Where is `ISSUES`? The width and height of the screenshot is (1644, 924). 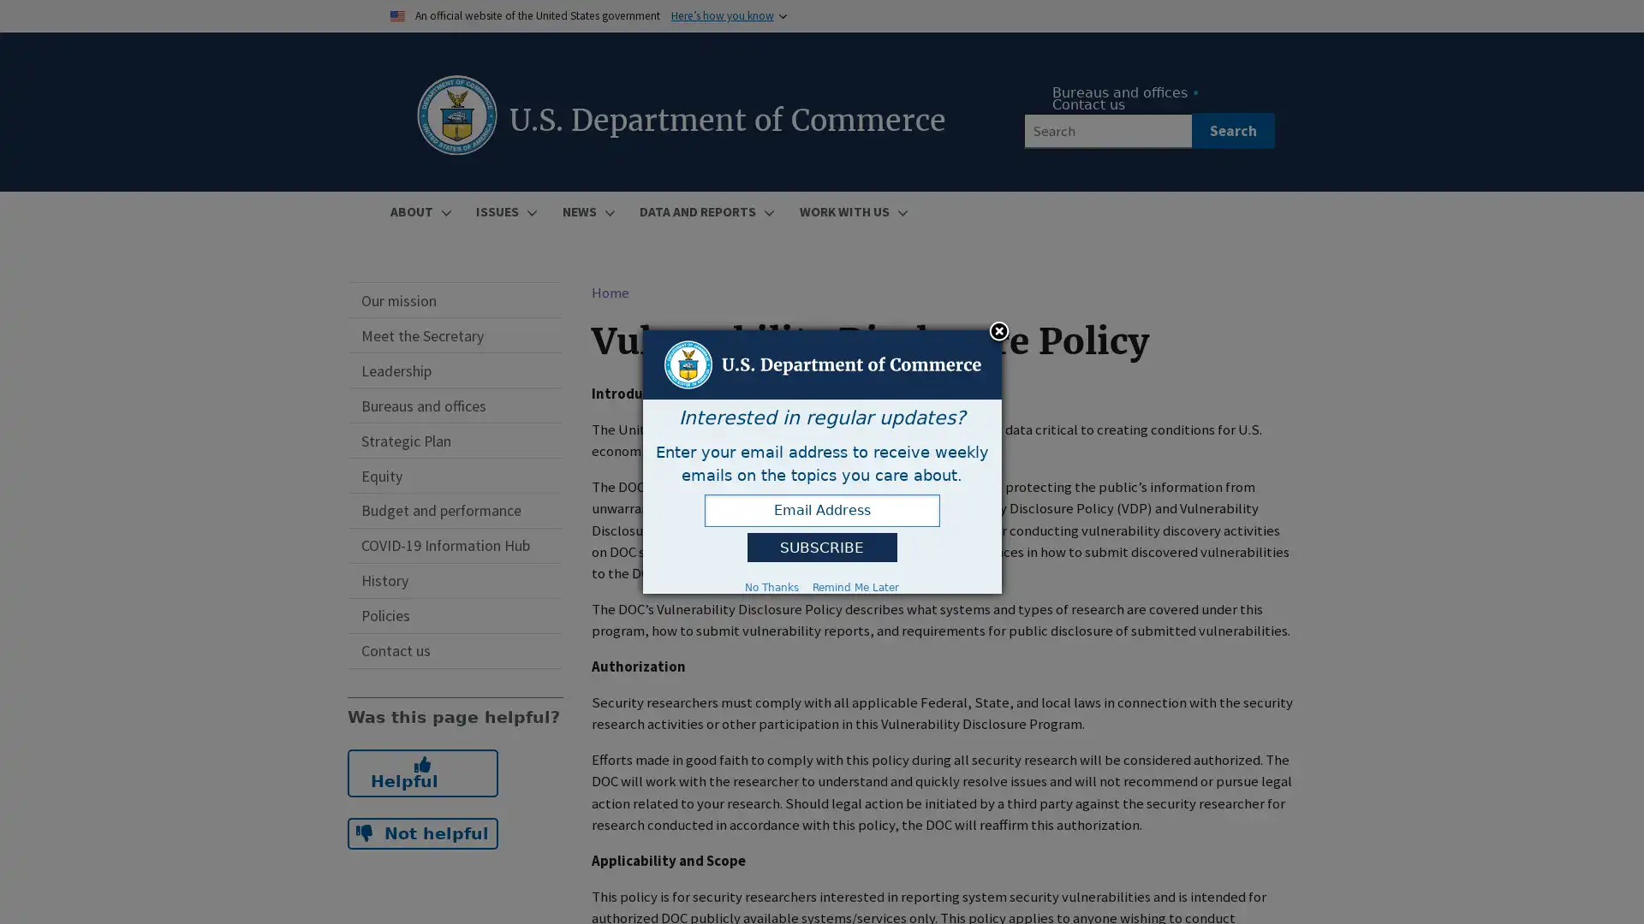 ISSUES is located at coordinates (503, 210).